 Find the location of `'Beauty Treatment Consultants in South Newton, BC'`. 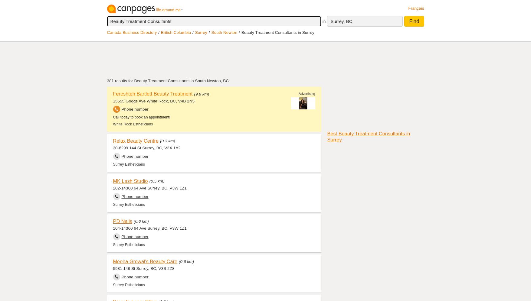

'Beauty Treatment Consultants in South Newton, BC' is located at coordinates (134, 81).